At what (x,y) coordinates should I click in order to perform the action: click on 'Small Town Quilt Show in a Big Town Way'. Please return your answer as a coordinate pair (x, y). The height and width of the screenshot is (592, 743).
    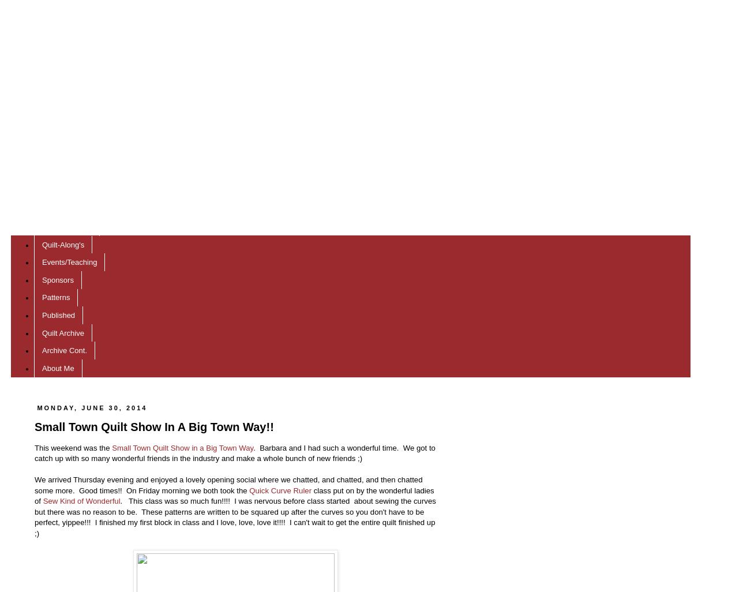
    Looking at the image, I should click on (182, 447).